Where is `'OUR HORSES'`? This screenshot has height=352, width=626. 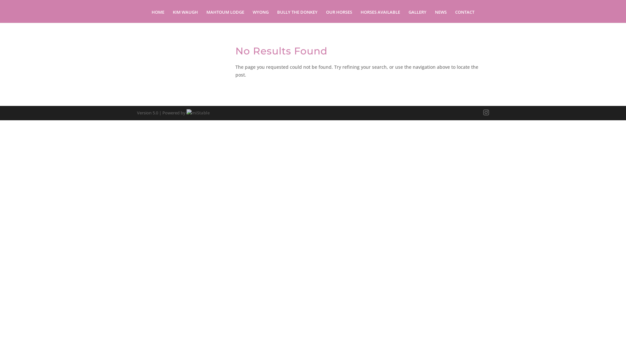 'OUR HORSES' is located at coordinates (339, 16).